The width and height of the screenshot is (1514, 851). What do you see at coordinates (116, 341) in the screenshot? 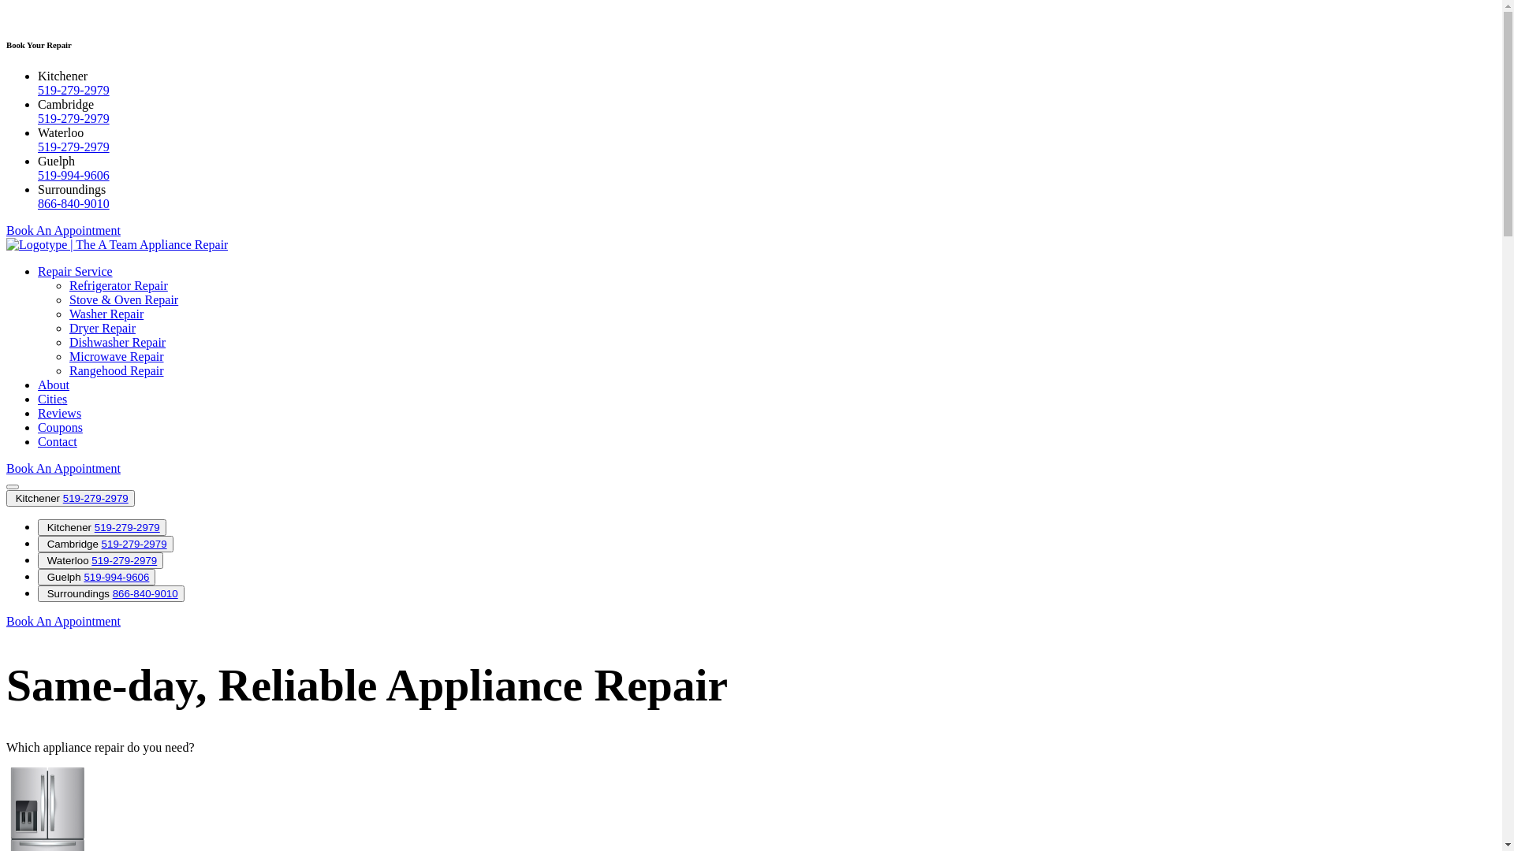
I see `'Dishwasher Repair'` at bounding box center [116, 341].